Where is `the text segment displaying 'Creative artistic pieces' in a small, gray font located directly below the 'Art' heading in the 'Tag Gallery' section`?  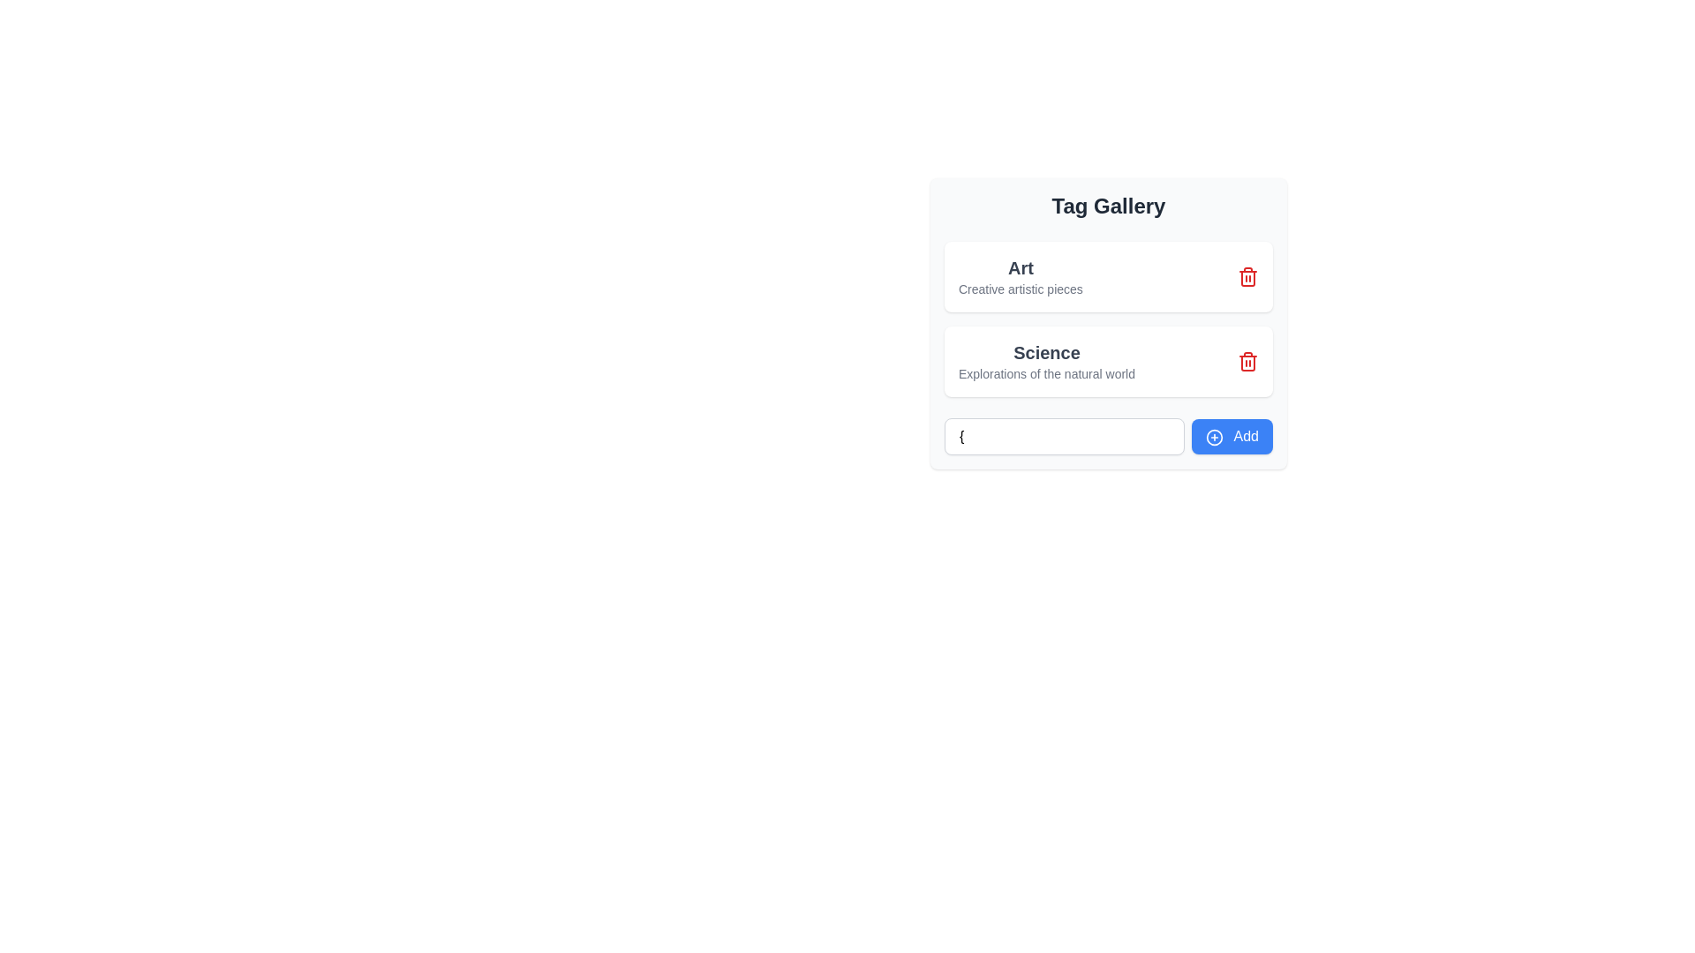 the text segment displaying 'Creative artistic pieces' in a small, gray font located directly below the 'Art' heading in the 'Tag Gallery' section is located at coordinates (1021, 288).